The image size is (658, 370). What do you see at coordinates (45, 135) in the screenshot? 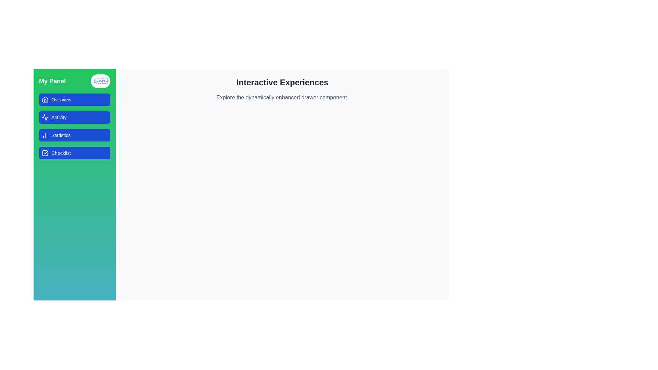
I see `the line chart icon inside the blue 'Statistics' button` at bounding box center [45, 135].